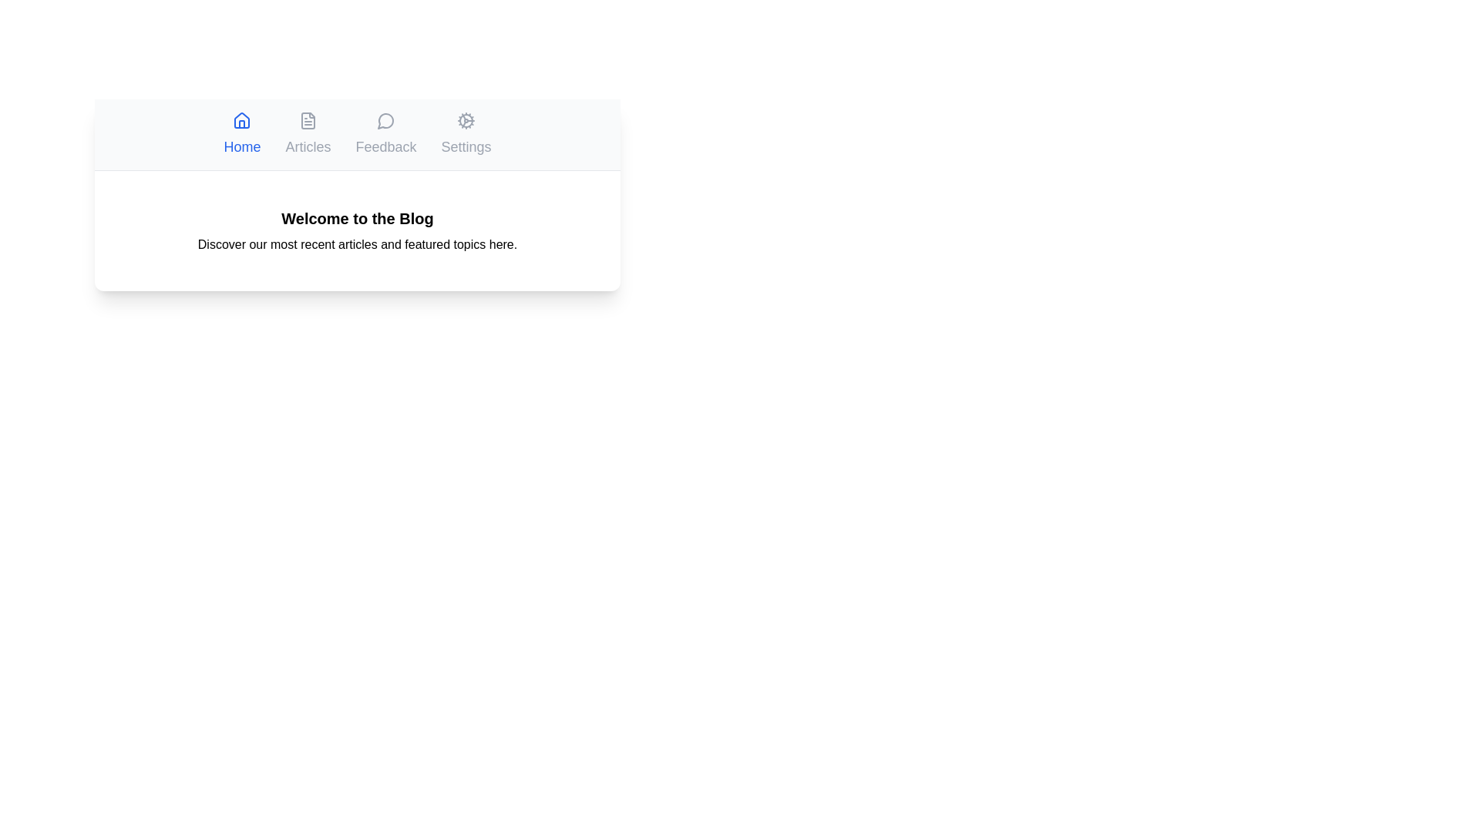 The height and width of the screenshot is (832, 1480). What do you see at coordinates (308, 133) in the screenshot?
I see `the Articles tab to switch to its content section` at bounding box center [308, 133].